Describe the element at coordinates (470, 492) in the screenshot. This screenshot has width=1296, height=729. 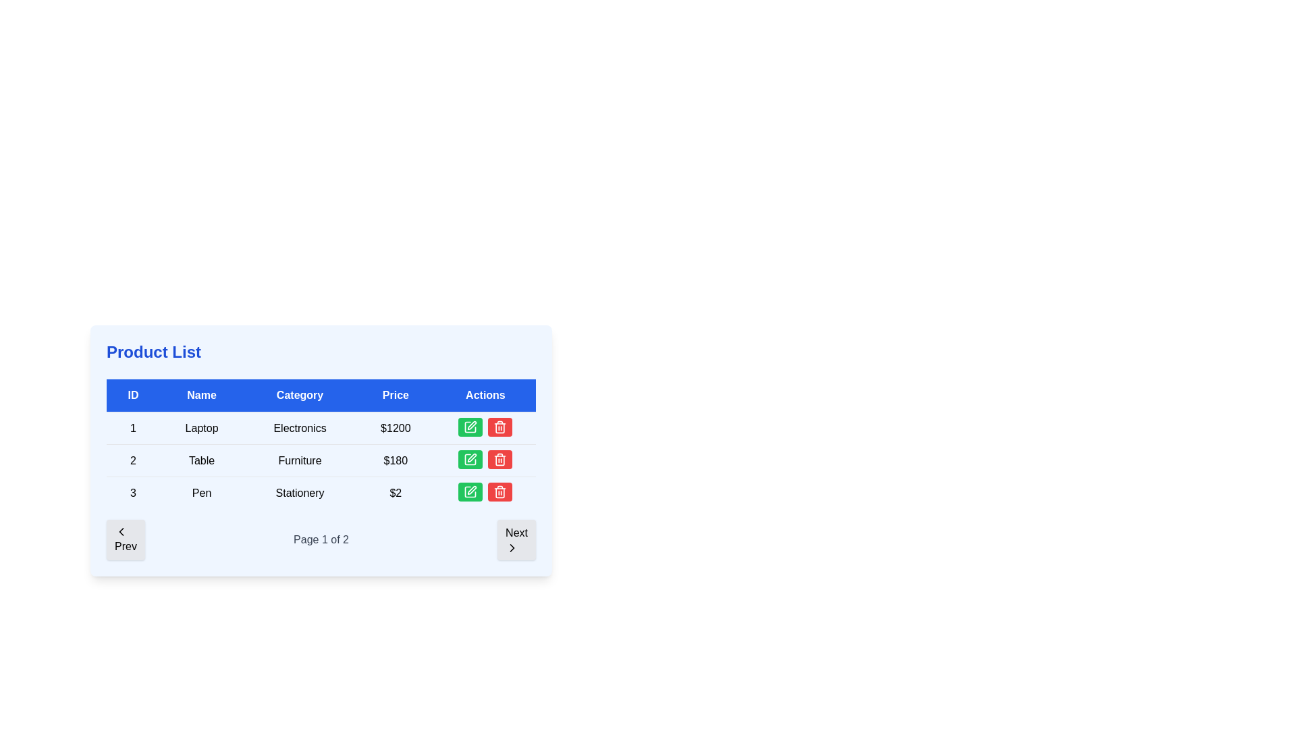
I see `the edit button in the 'Actions' column of the table, located in the third row for the item 'Pen'` at that location.